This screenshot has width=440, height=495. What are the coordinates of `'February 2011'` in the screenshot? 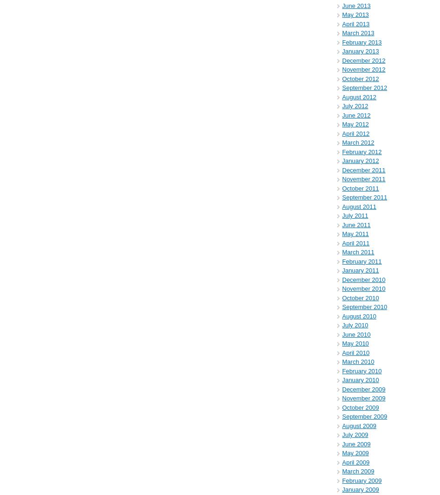 It's located at (361, 260).